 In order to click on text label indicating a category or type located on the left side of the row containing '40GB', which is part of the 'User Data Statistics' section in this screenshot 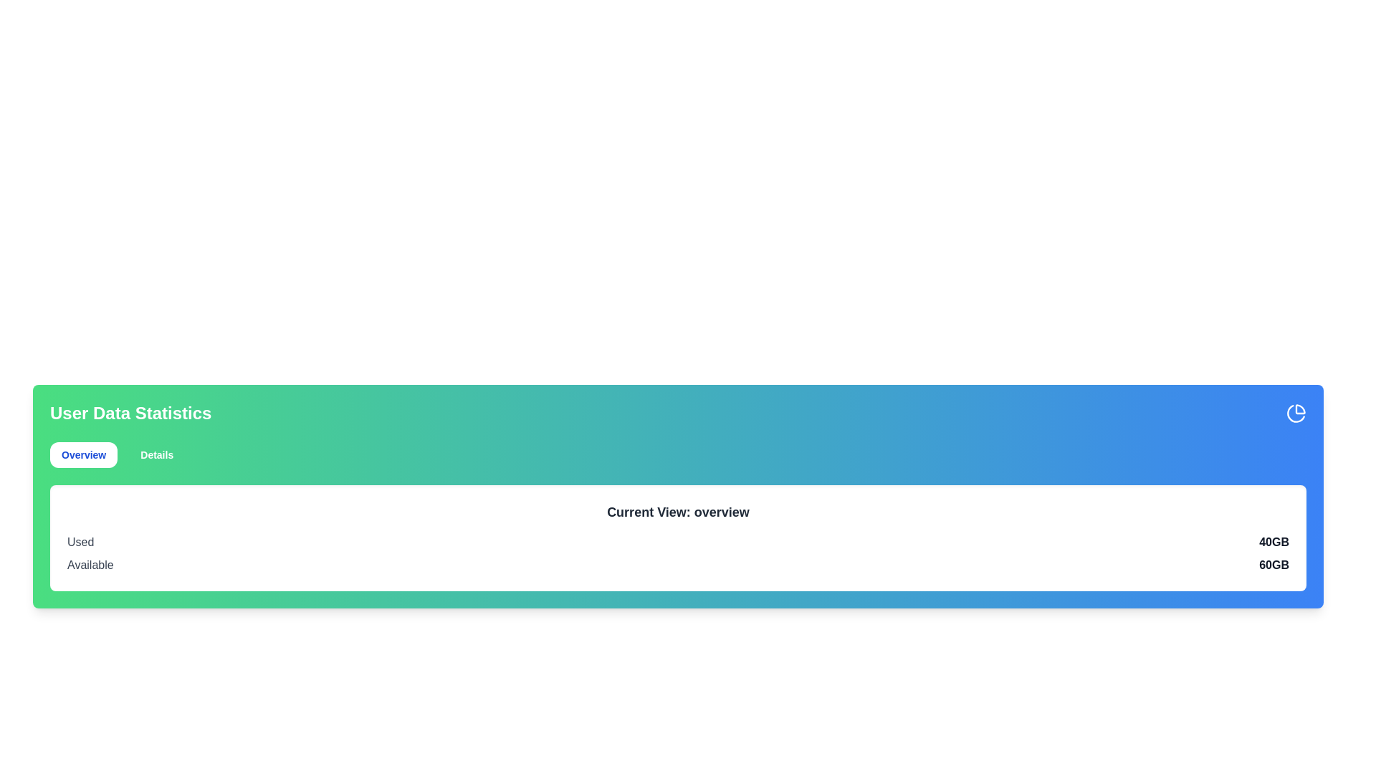, I will do `click(80, 542)`.